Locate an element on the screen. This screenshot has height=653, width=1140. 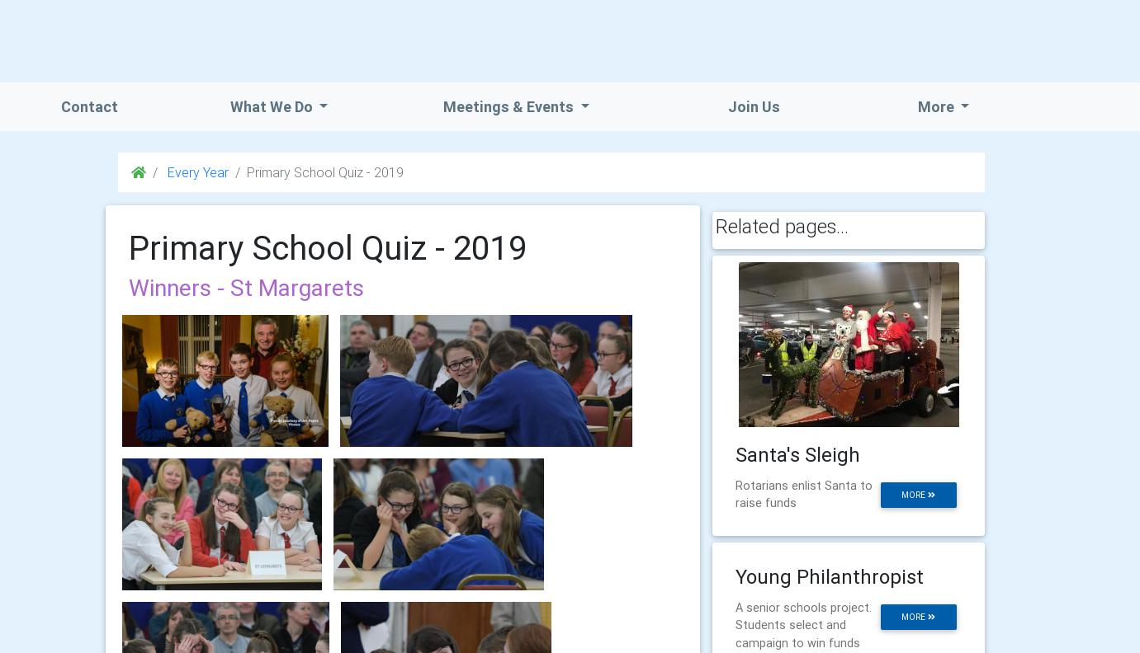
'Santa's Sleigh' is located at coordinates (736, 453).